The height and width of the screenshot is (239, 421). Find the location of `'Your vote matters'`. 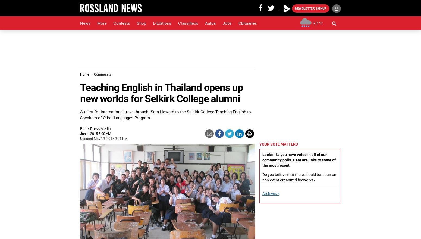

'Your vote matters' is located at coordinates (278, 144).